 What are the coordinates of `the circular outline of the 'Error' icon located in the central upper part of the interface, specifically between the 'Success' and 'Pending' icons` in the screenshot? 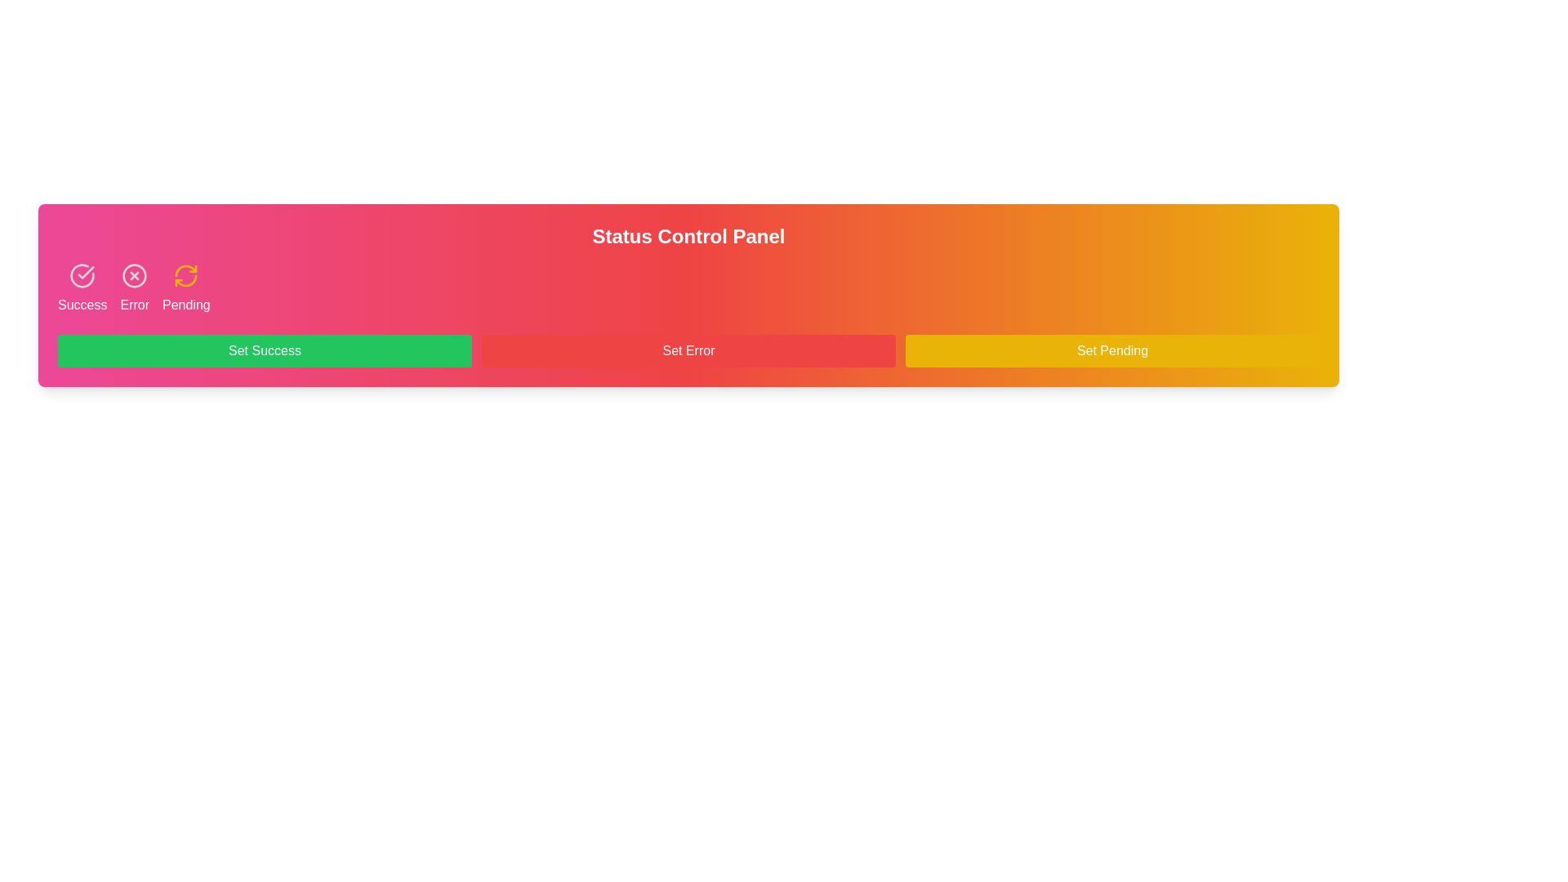 It's located at (135, 275).